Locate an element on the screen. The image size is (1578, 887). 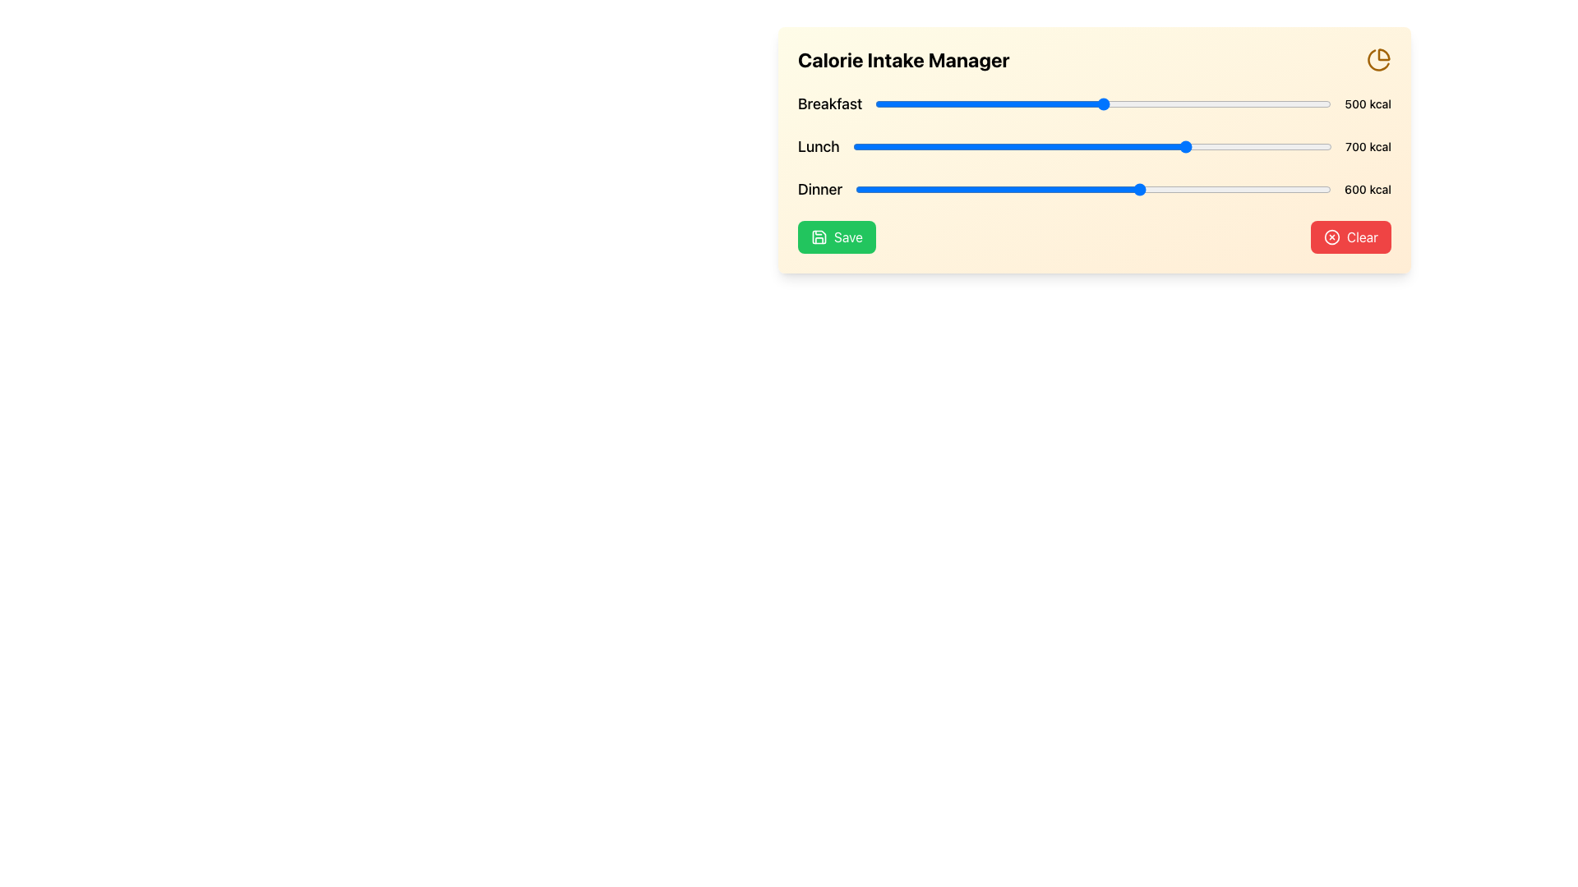
the breakfast calorie intake is located at coordinates (1124, 104).